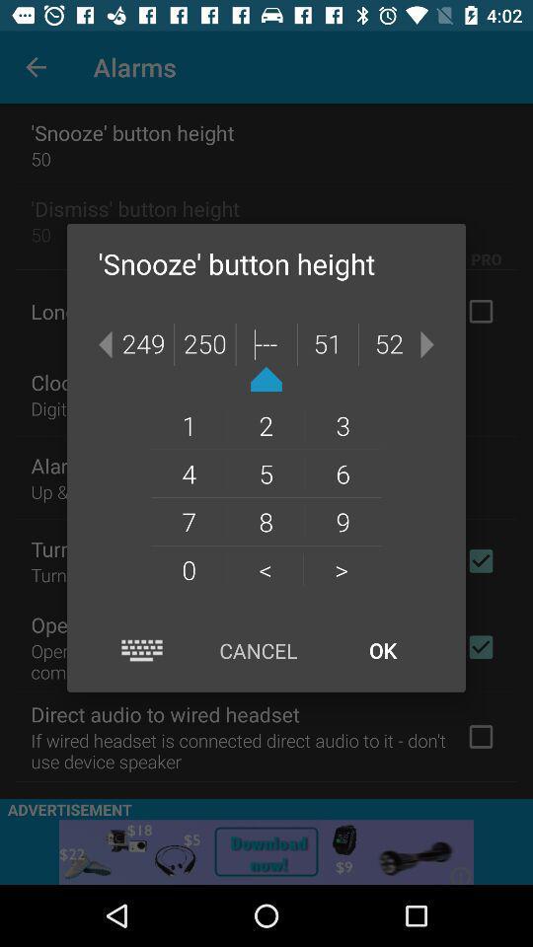 Image resolution: width=533 pixels, height=947 pixels. I want to click on the 8, so click(266, 520).